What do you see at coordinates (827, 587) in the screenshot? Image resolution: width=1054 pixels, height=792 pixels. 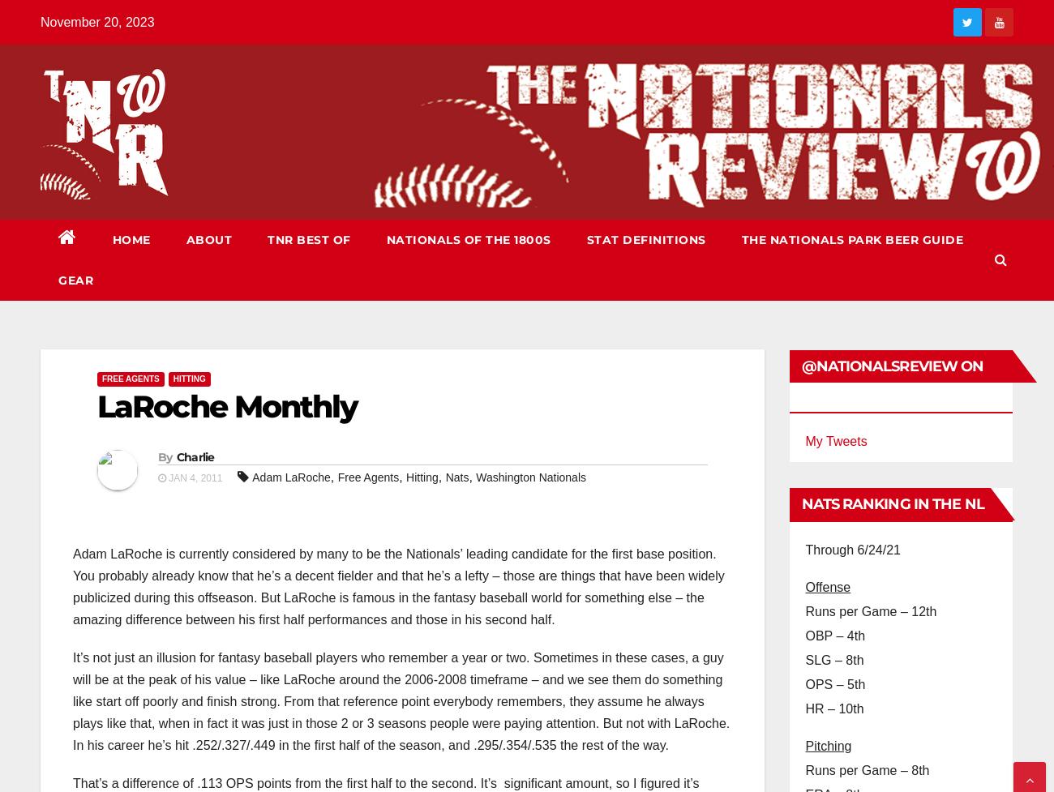 I see `'Offense'` at bounding box center [827, 587].